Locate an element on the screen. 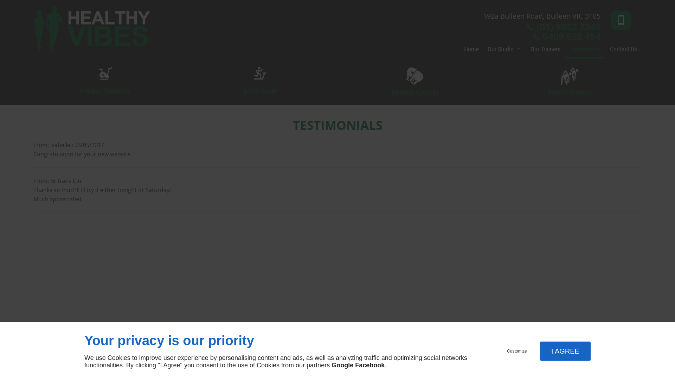  'Instagram' is located at coordinates (337, 344).